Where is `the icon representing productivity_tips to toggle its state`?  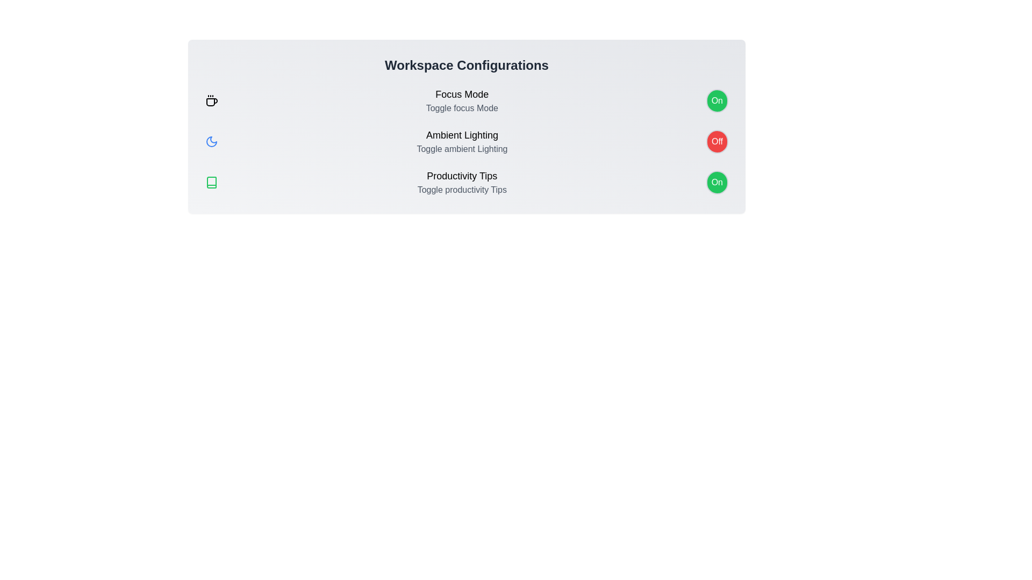
the icon representing productivity_tips to toggle its state is located at coordinates (211, 182).